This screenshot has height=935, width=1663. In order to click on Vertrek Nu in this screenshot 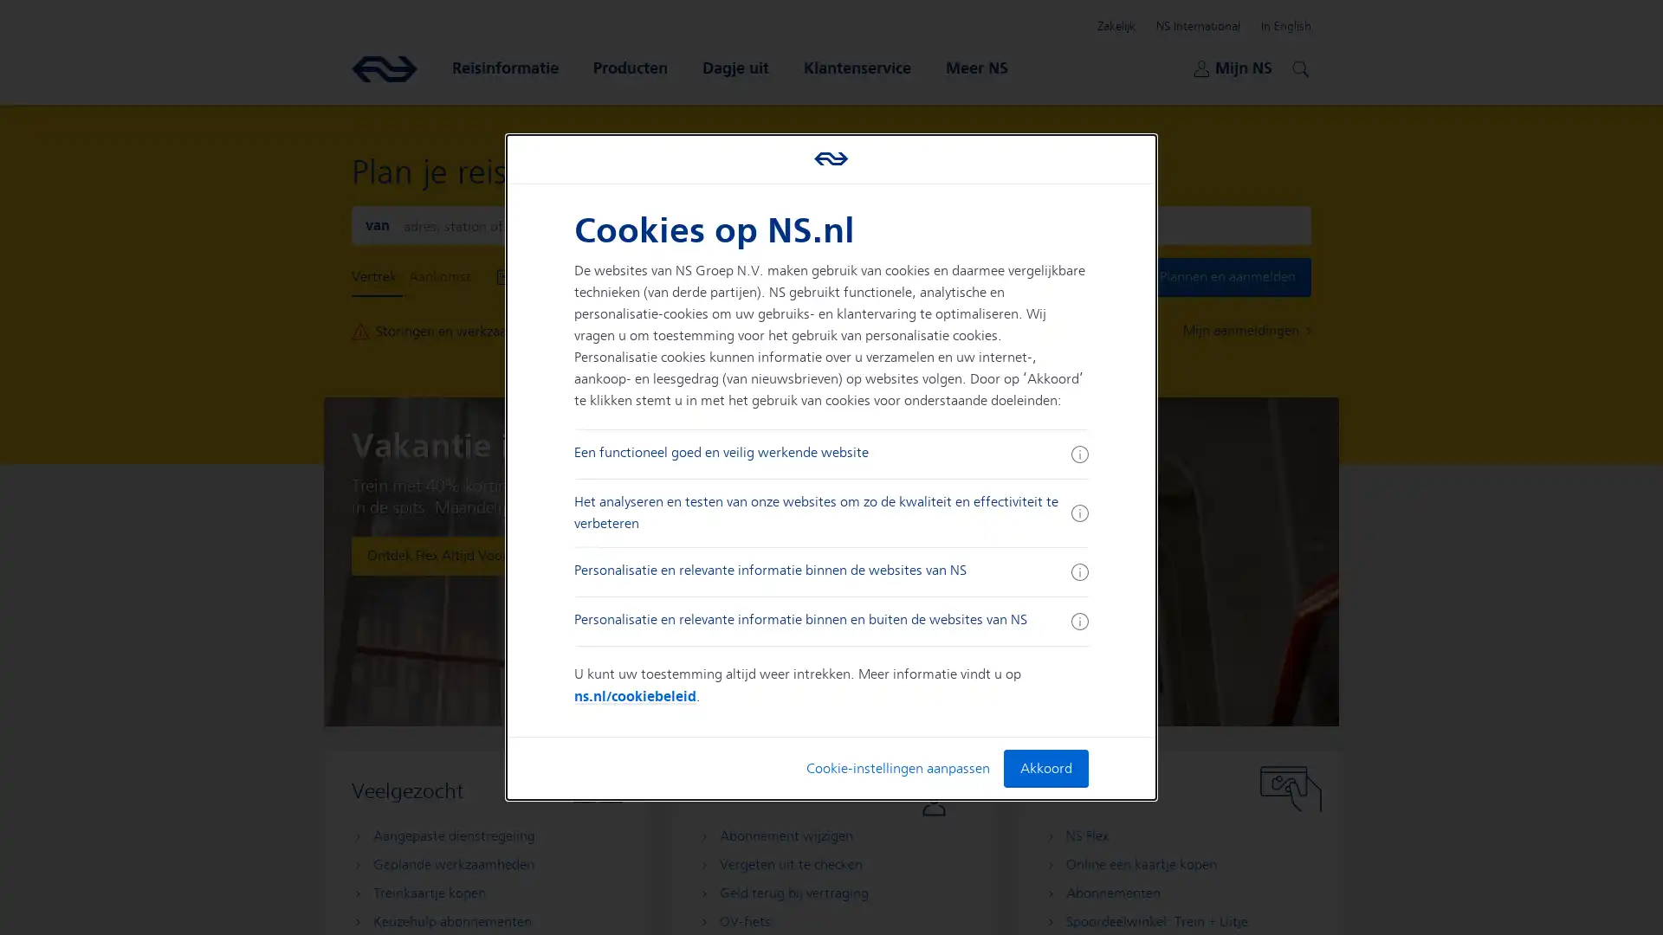, I will do `click(719, 276)`.